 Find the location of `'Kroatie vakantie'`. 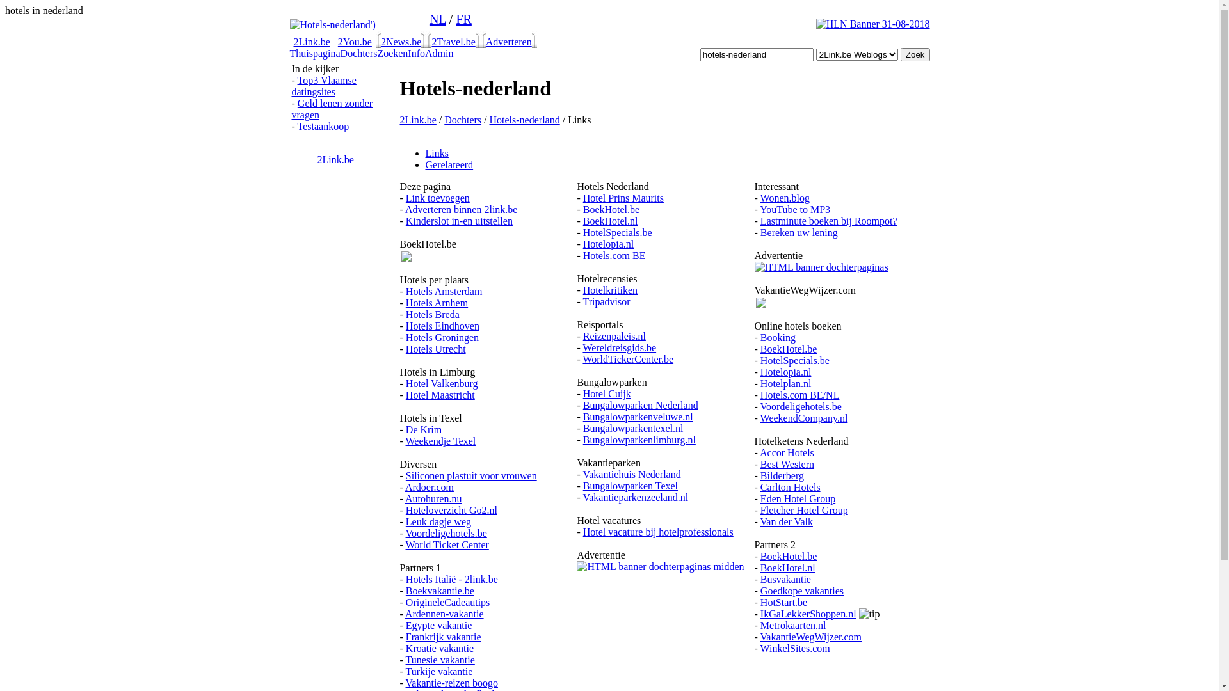

'Kroatie vakantie' is located at coordinates (439, 648).